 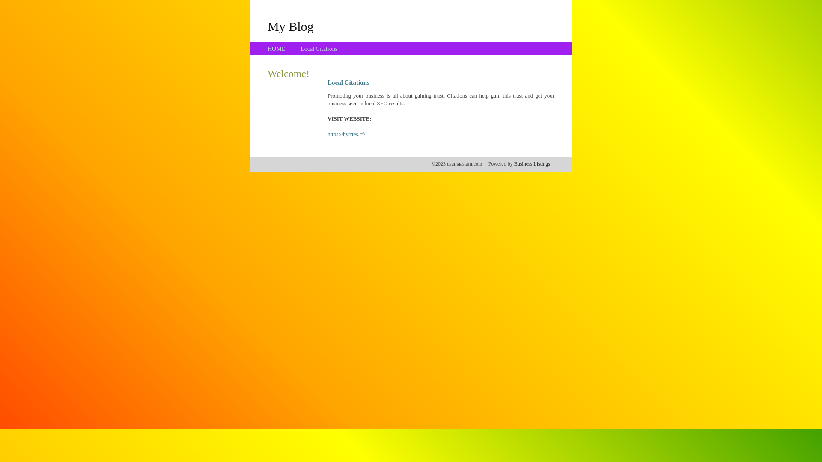 I want to click on 'Business Listings', so click(x=532, y=163).